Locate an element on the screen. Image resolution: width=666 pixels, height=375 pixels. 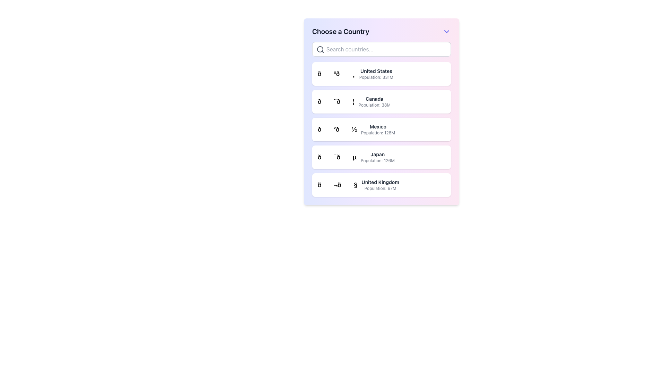
the Header or Title that indicates the section for country selection in the pop-up panel is located at coordinates (341, 32).